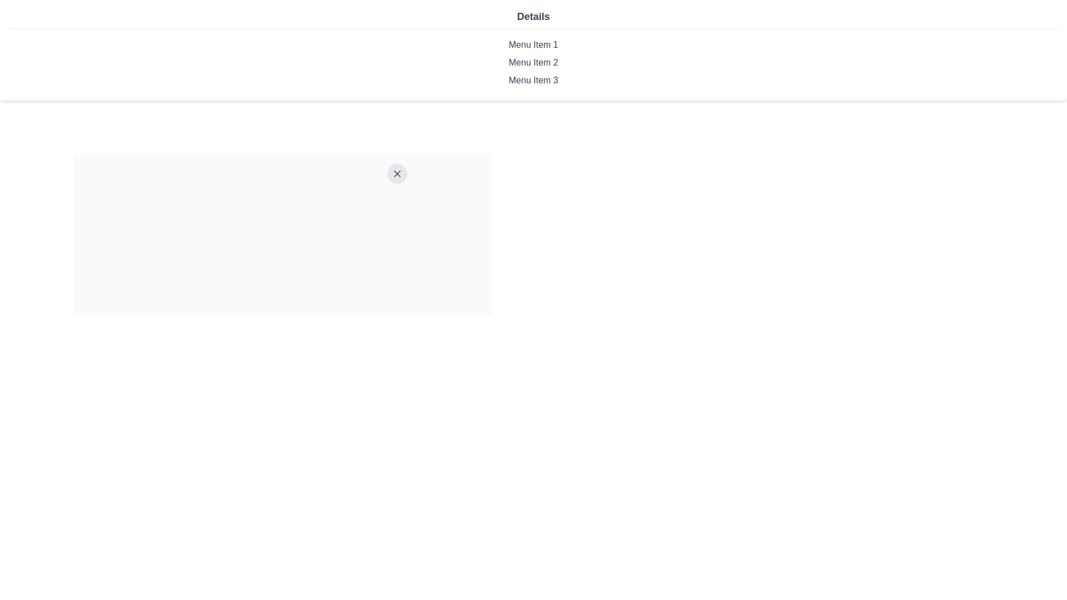 The width and height of the screenshot is (1067, 600). Describe the element at coordinates (397, 173) in the screenshot. I see `the center of the Close icon, which is represented as a diagonal line forming an X shape within a hollow circular area, located at the top-center of the interactive card` at that location.